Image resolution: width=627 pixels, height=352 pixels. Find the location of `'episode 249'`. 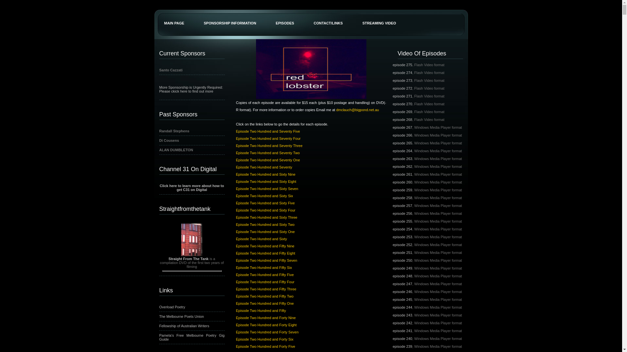

'episode 249' is located at coordinates (402, 268).